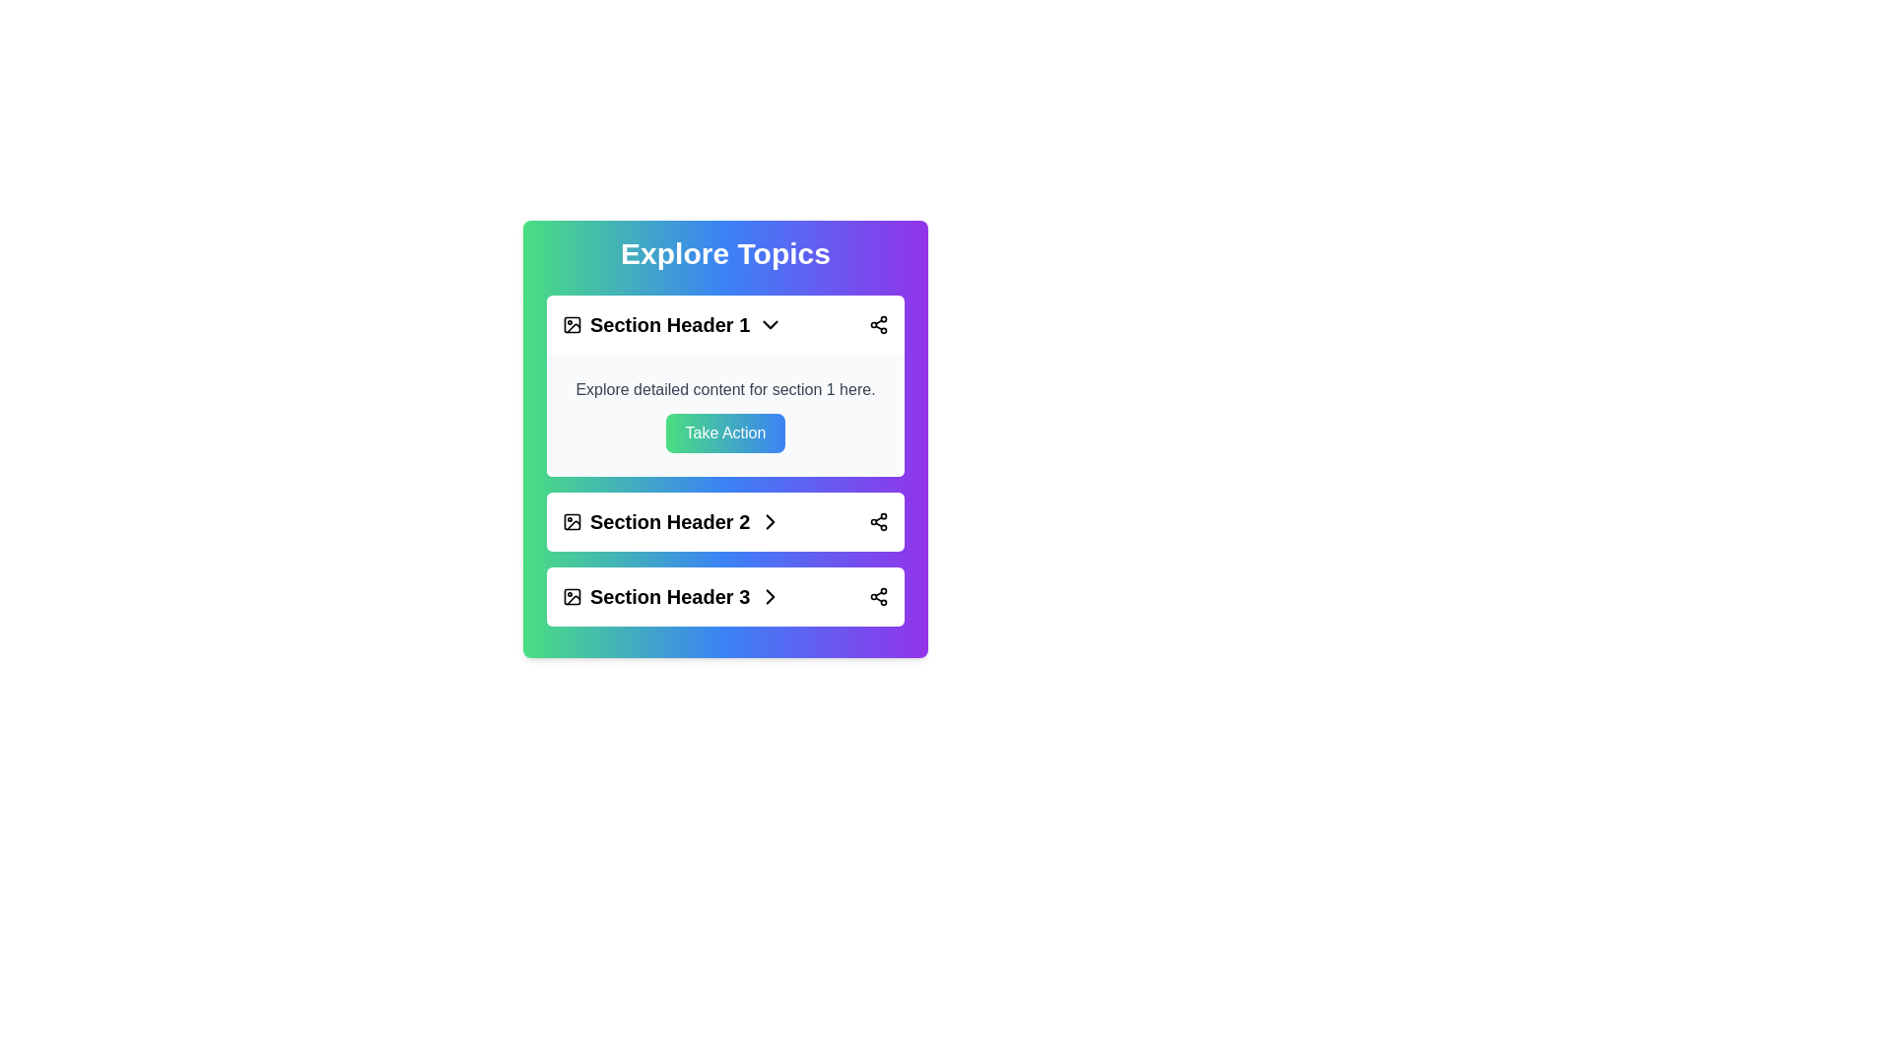  Describe the element at coordinates (770, 595) in the screenshot. I see `the chevron icon located to the right of the text 'Section Header 3'` at that location.